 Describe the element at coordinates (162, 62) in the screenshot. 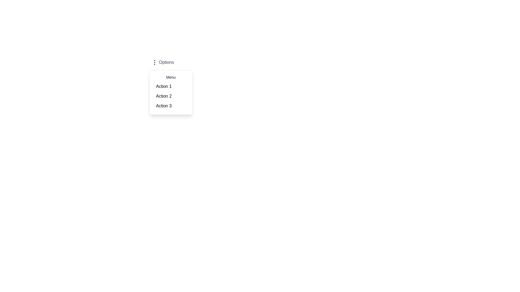

I see `the menu trigger button located at the top-left corner of the menu header area` at that location.